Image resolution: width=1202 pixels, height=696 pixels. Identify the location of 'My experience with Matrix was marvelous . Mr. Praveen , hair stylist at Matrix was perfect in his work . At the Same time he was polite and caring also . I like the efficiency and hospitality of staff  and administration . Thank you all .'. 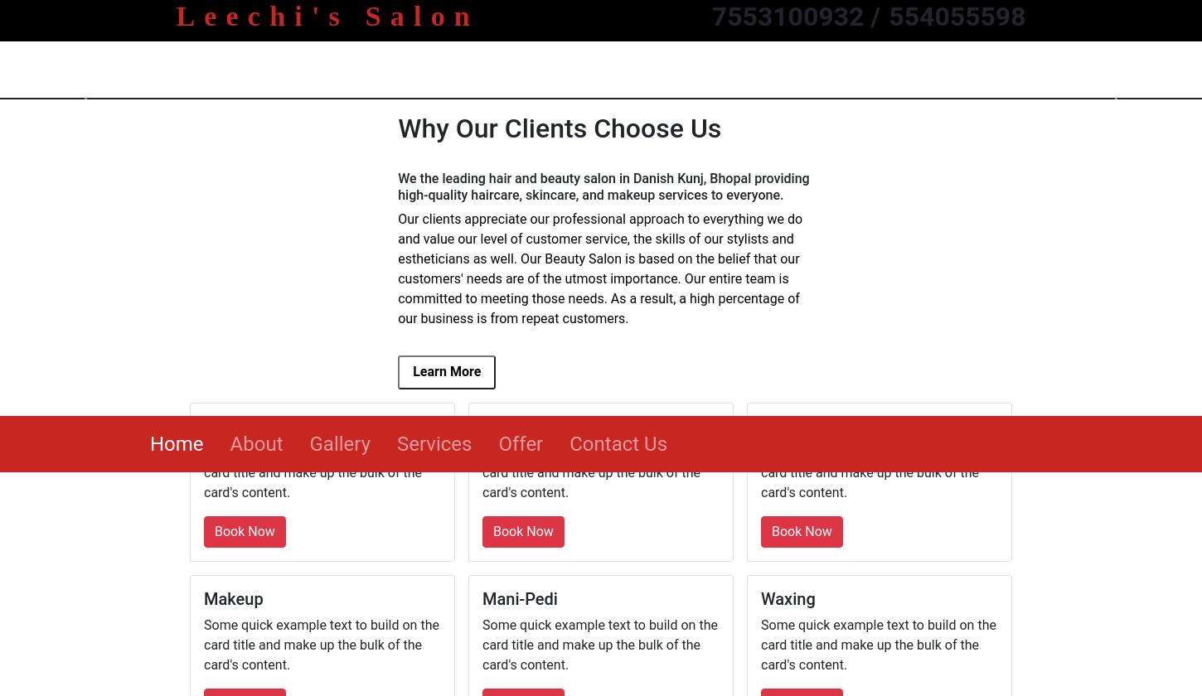
(957, 647).